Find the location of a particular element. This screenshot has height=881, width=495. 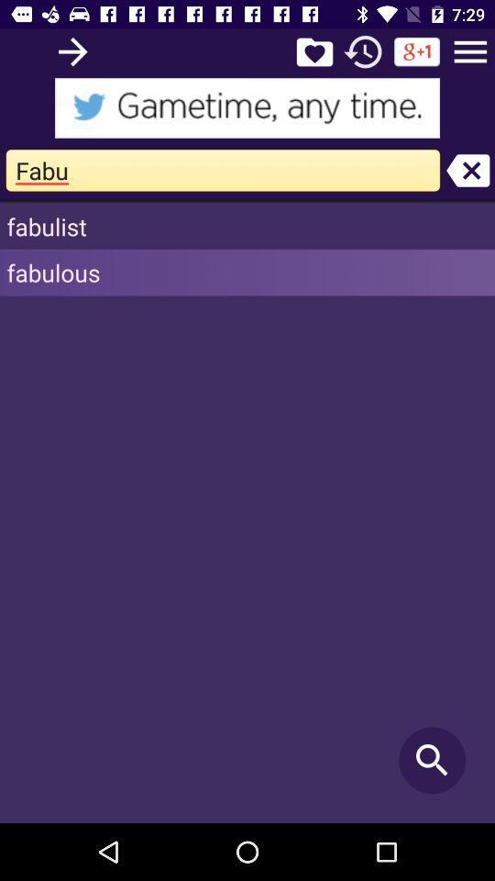

the menu icon is located at coordinates (470, 50).